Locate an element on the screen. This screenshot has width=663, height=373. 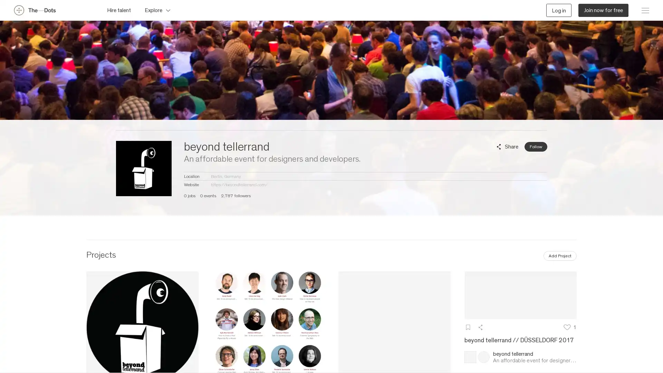
Add Project is located at coordinates (560, 256).